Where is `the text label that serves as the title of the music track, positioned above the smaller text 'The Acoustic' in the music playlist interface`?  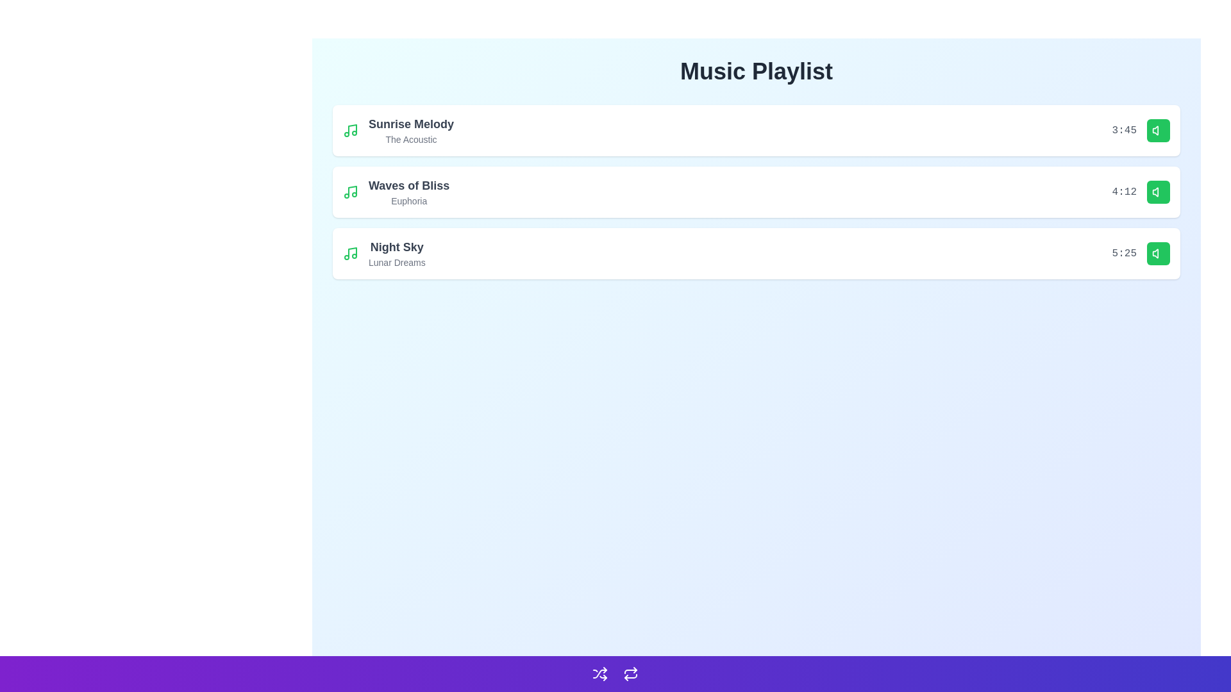
the text label that serves as the title of the music track, positioned above the smaller text 'The Acoustic' in the music playlist interface is located at coordinates (411, 124).